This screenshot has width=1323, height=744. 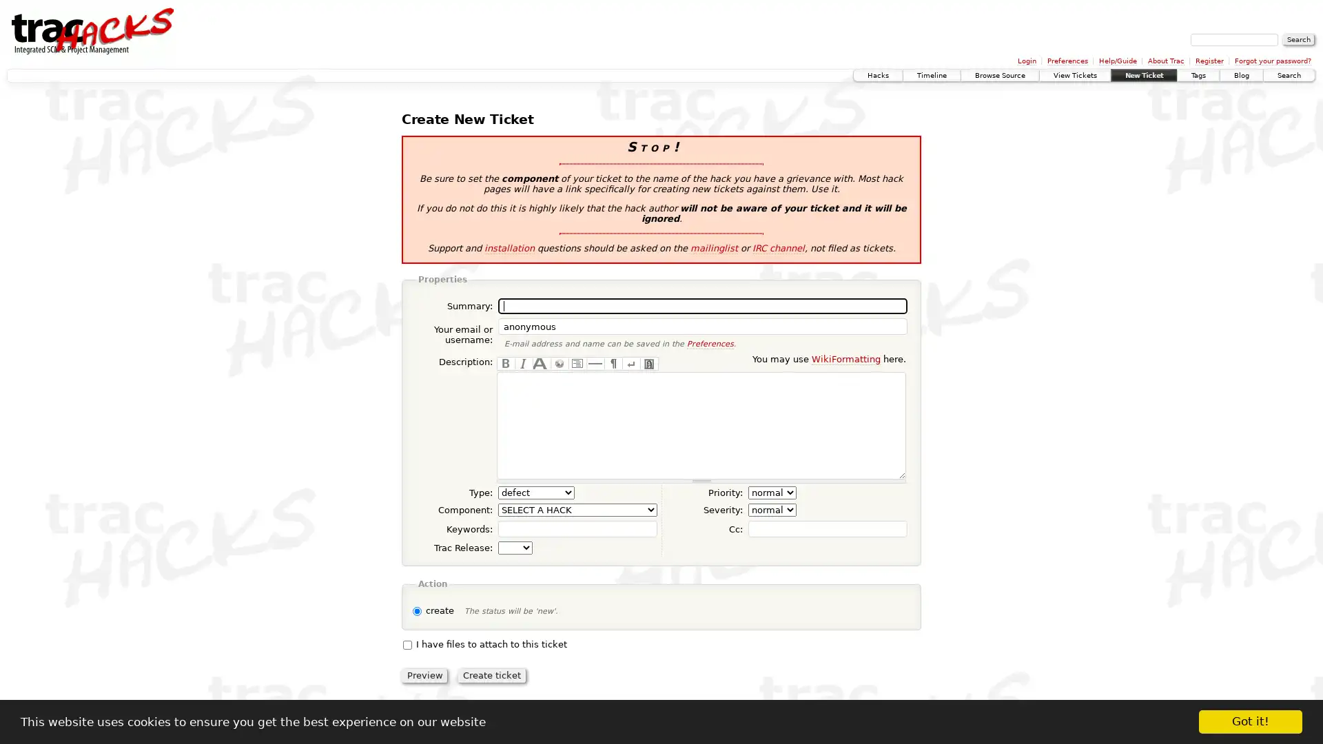 I want to click on Create ticket, so click(x=491, y=674).